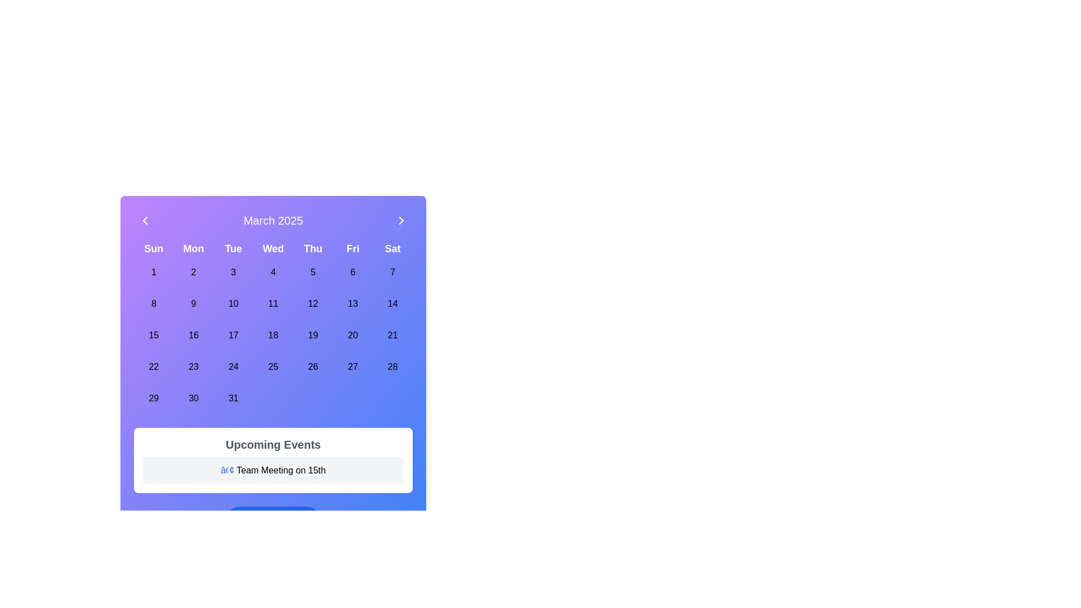 Image resolution: width=1081 pixels, height=608 pixels. What do you see at coordinates (194, 366) in the screenshot?
I see `the rounded button displaying the number '23' in the calendar grid through keyboard navigation` at bounding box center [194, 366].